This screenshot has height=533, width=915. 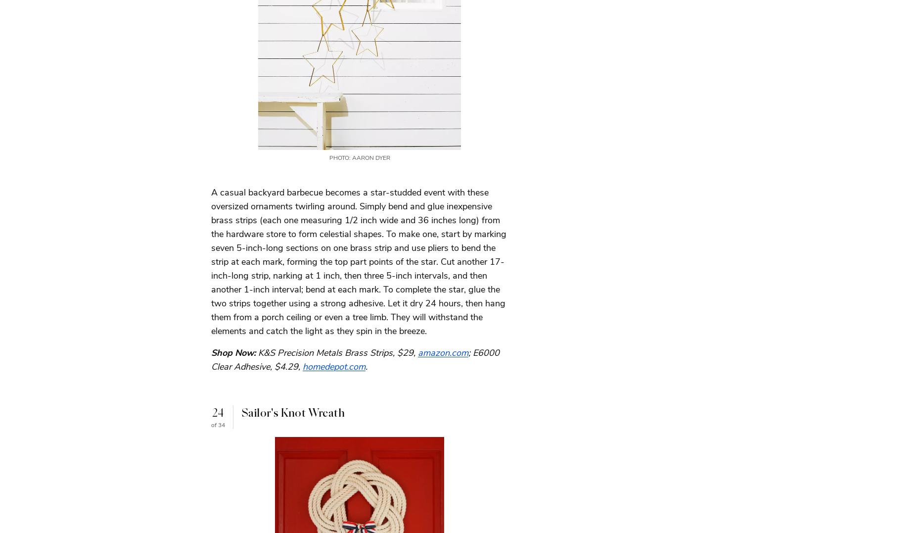 What do you see at coordinates (370, 157) in the screenshot?
I see `'Aaron Dyer'` at bounding box center [370, 157].